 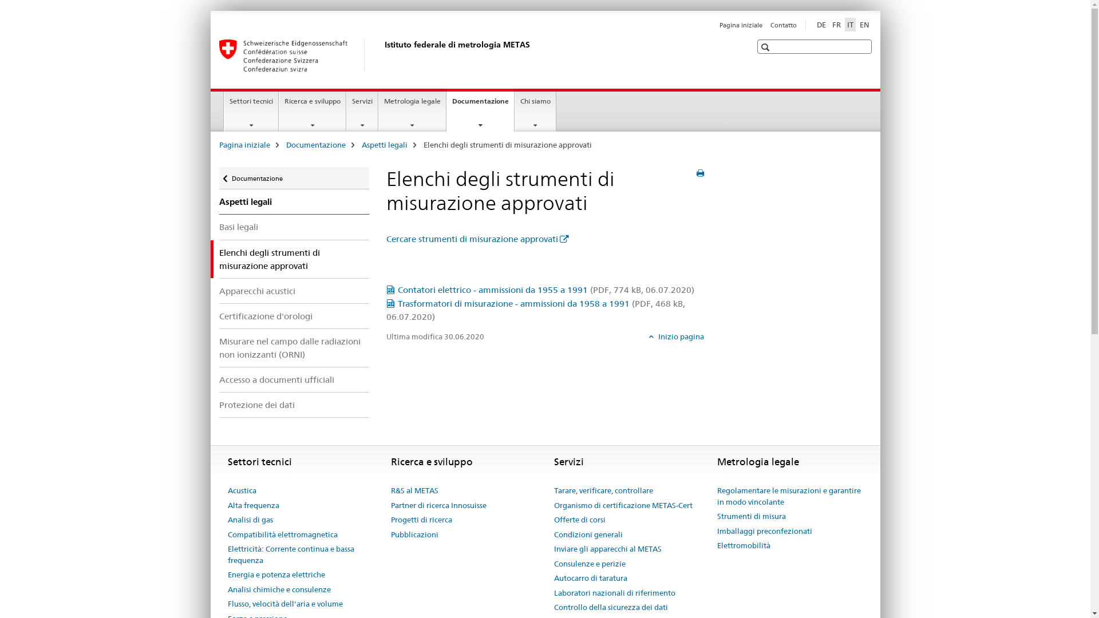 What do you see at coordinates (603, 490) in the screenshot?
I see `'Tarare, verificare, controllare'` at bounding box center [603, 490].